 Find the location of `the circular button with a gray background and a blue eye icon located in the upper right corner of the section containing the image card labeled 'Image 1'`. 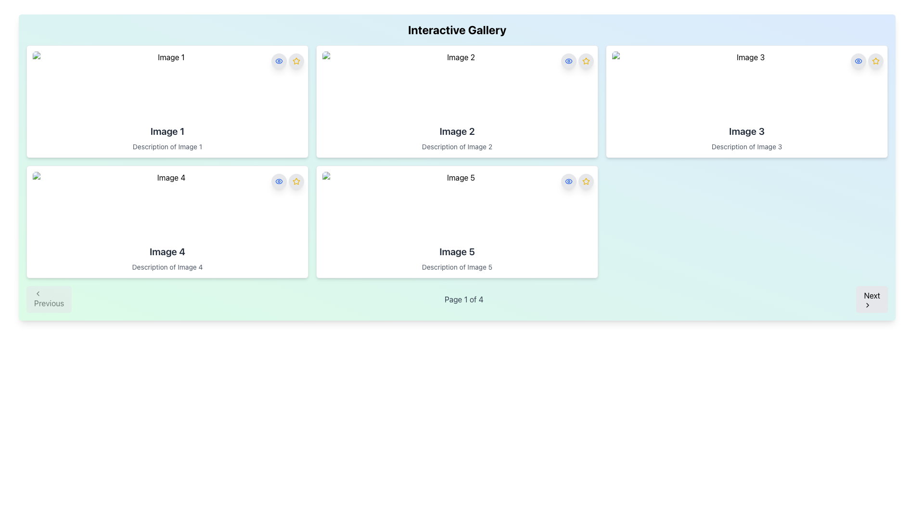

the circular button with a gray background and a blue eye icon located in the upper right corner of the section containing the image card labeled 'Image 1' is located at coordinates (279, 61).